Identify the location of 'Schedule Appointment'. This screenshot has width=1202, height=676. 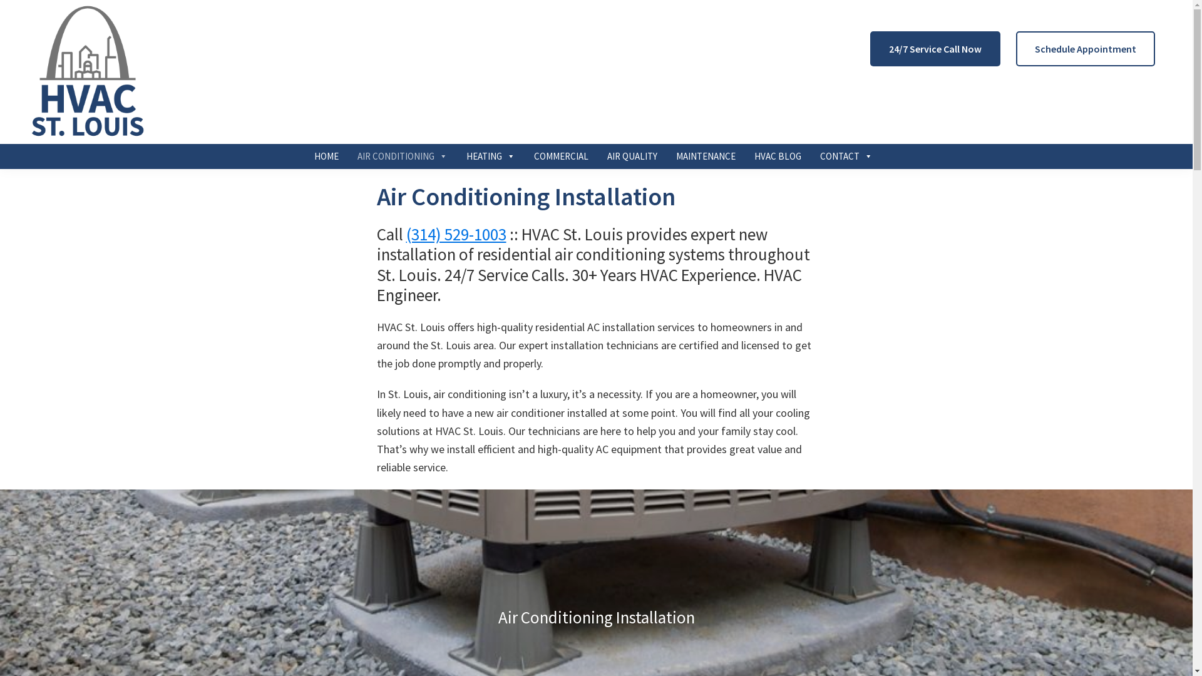
(1084, 48).